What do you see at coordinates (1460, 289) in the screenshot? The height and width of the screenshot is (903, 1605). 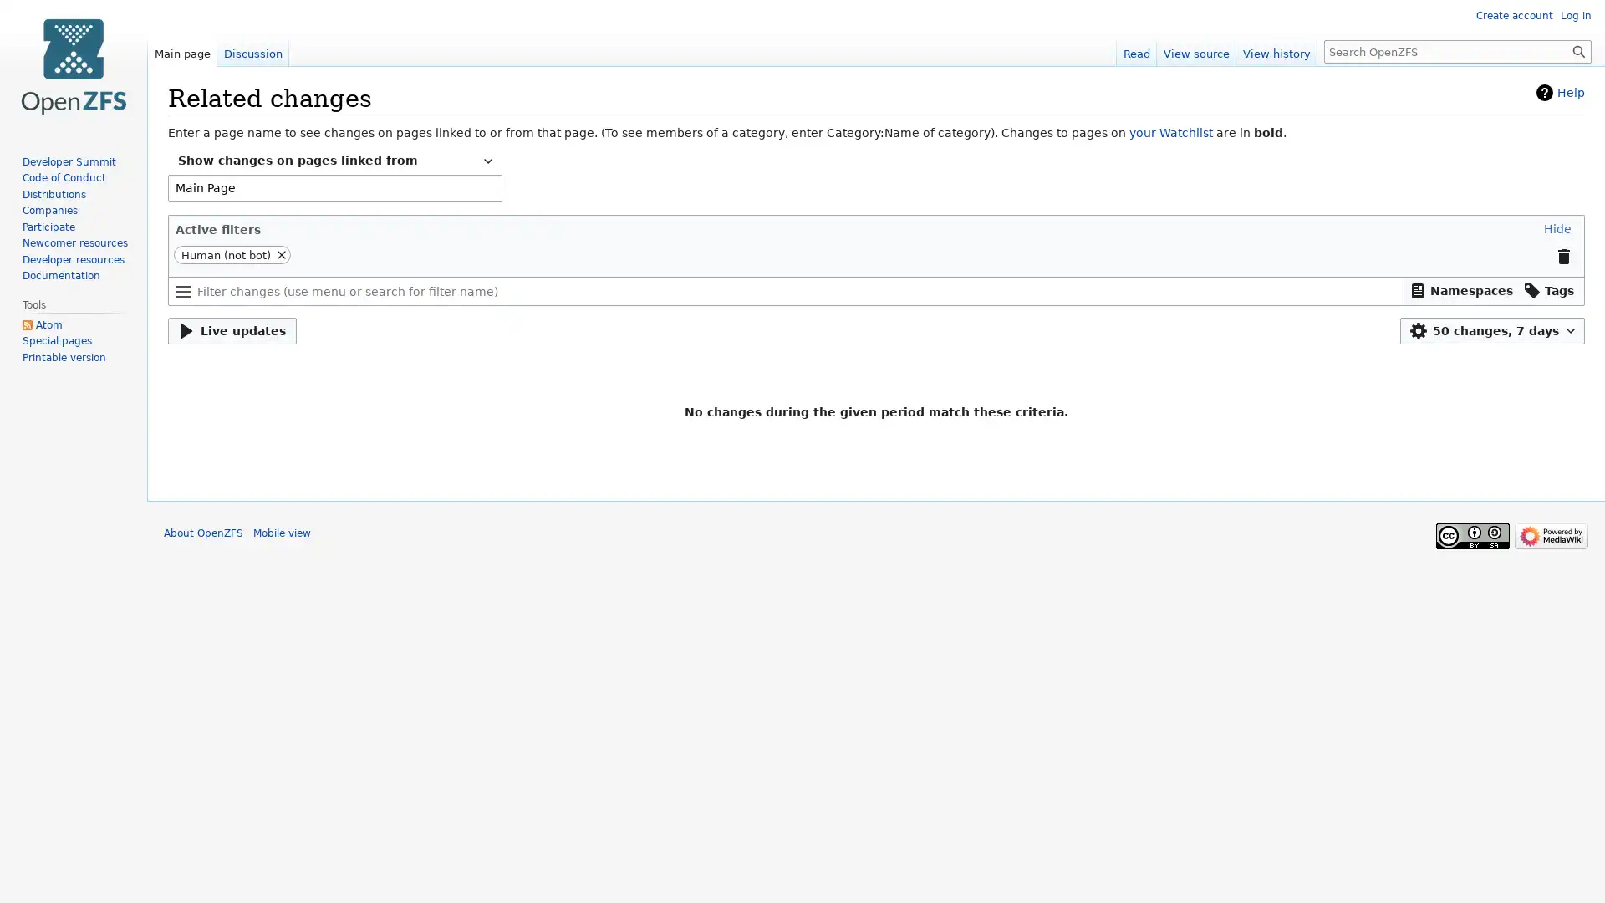 I see `Filter results by namespace` at bounding box center [1460, 289].